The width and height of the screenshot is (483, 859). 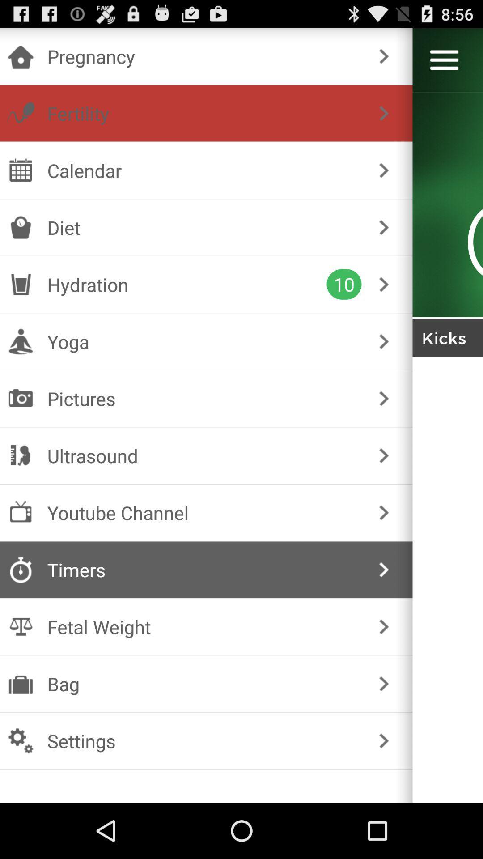 What do you see at coordinates (384, 513) in the screenshot?
I see `caret symbol on the right side of the text youtube channel` at bounding box center [384, 513].